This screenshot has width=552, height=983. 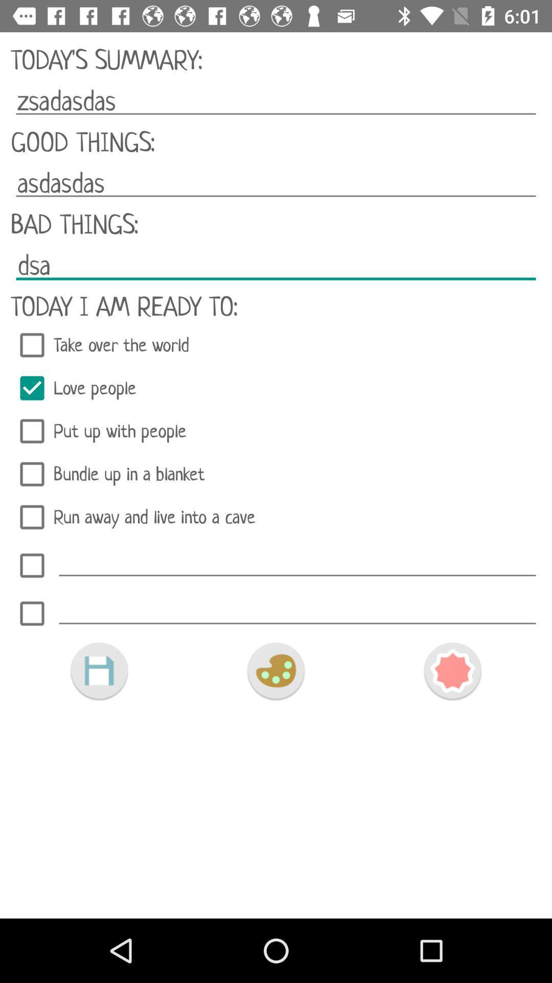 What do you see at coordinates (276, 431) in the screenshot?
I see `the item below love people` at bounding box center [276, 431].